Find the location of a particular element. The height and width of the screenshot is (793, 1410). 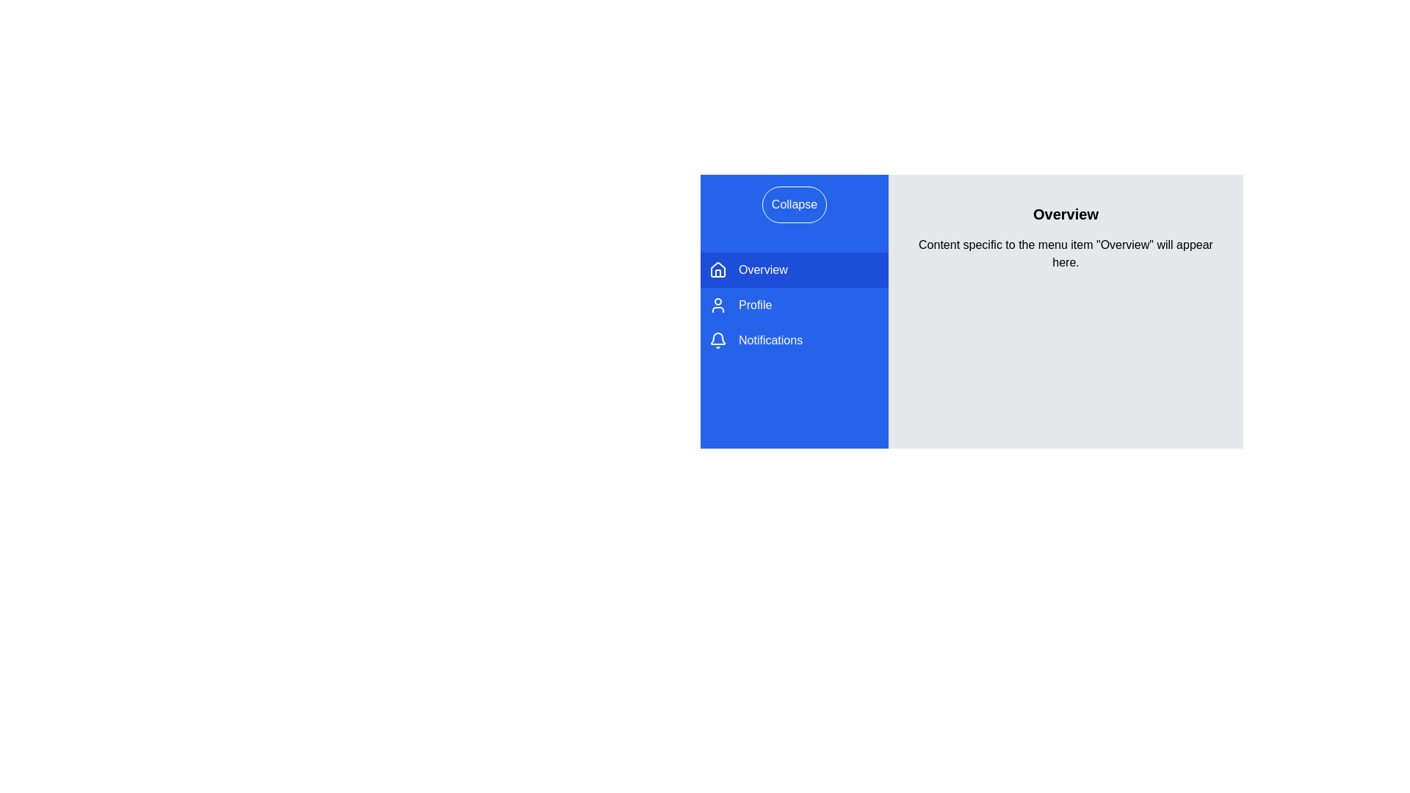

text label displaying 'Profile' in white color within the blue background of the navigation menu is located at coordinates (755, 305).